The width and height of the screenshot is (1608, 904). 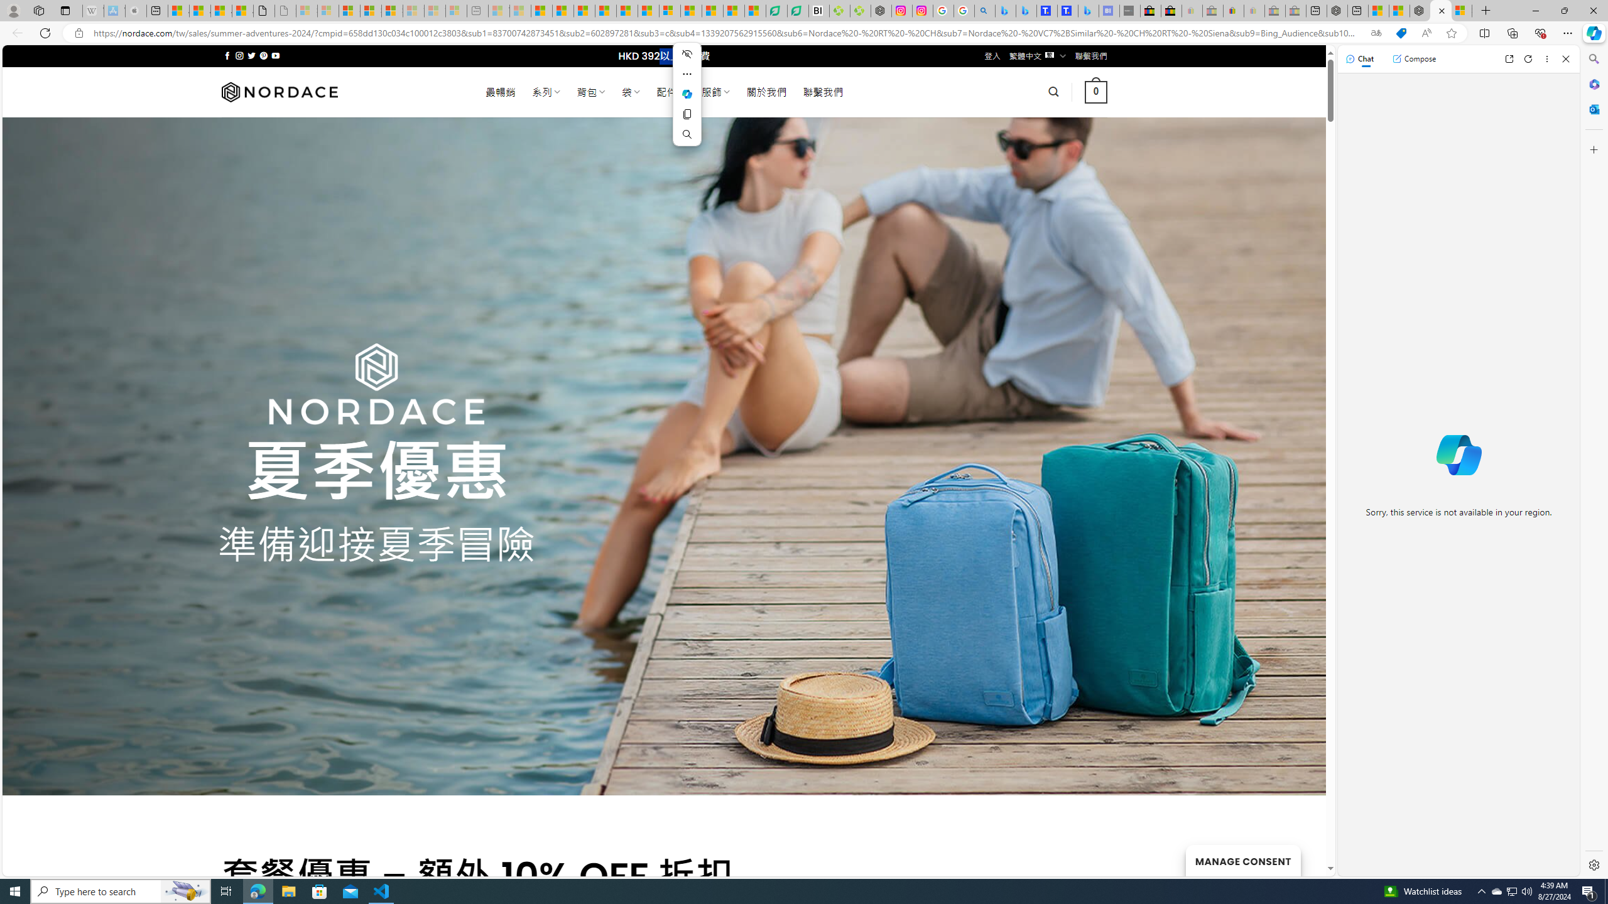 I want to click on 'Side bar', so click(x=1594, y=461).